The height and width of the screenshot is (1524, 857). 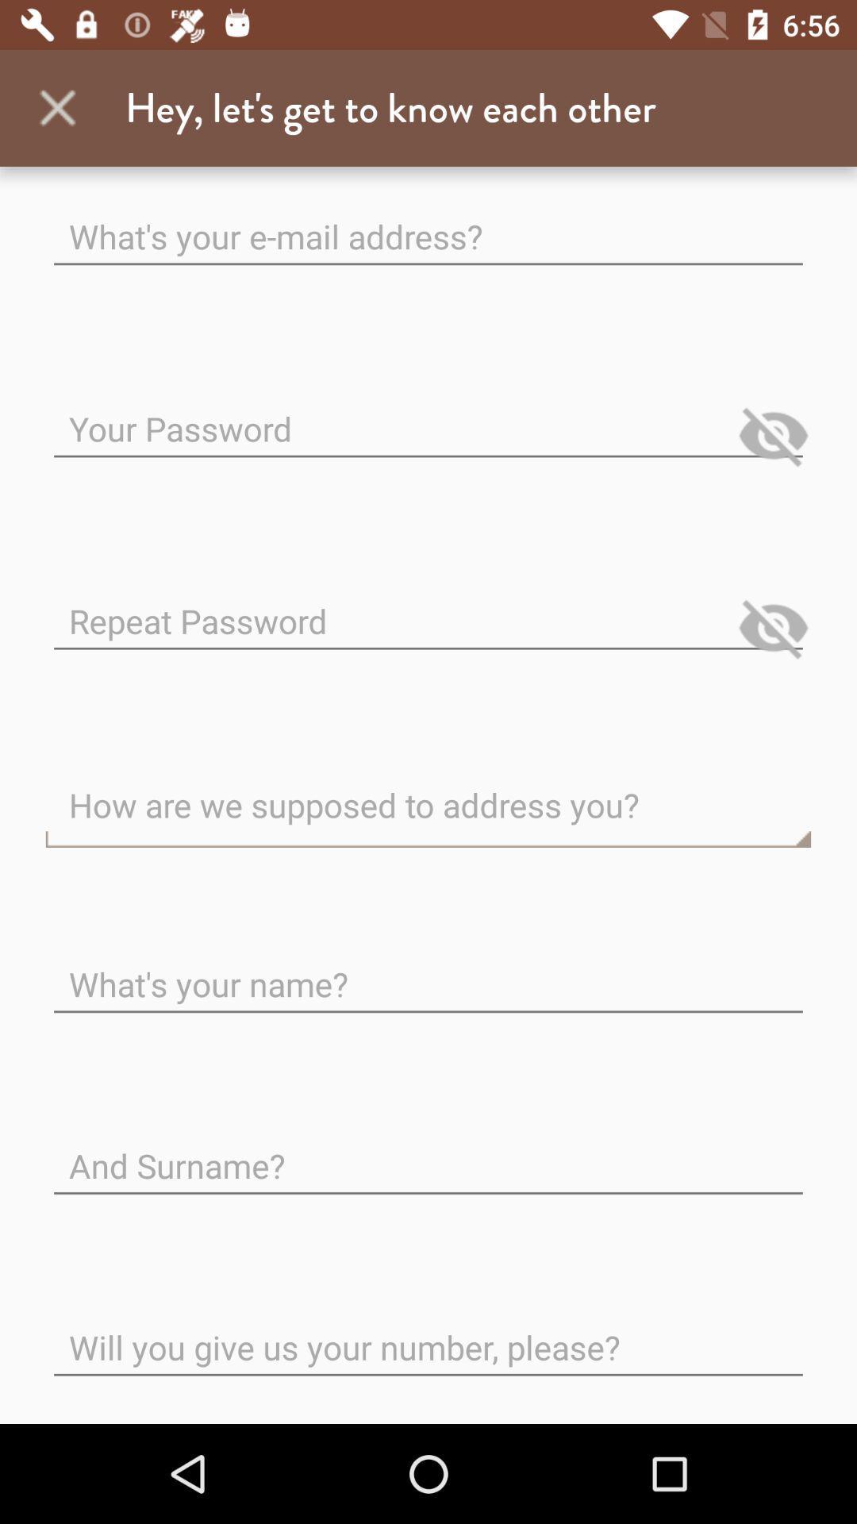 What do you see at coordinates (428, 971) in the screenshot?
I see `your name on the box` at bounding box center [428, 971].